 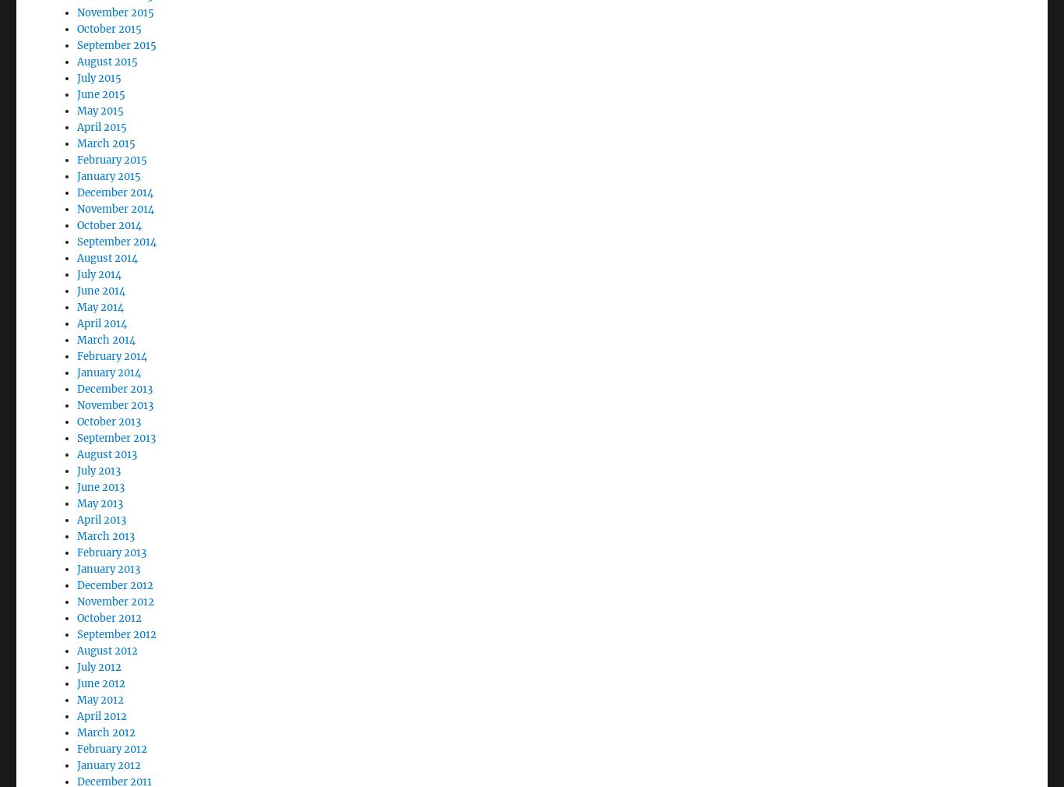 I want to click on 'January 2015', so click(x=108, y=132).